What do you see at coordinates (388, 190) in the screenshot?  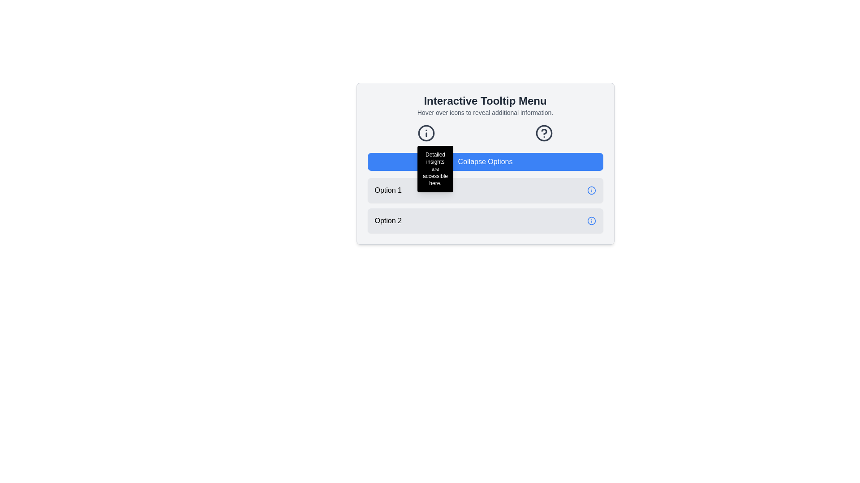 I see `the Text label that is positioned inside a light gray rectangular box, located below the blue button labeled 'Collapse Options' and above 'Option 2'` at bounding box center [388, 190].